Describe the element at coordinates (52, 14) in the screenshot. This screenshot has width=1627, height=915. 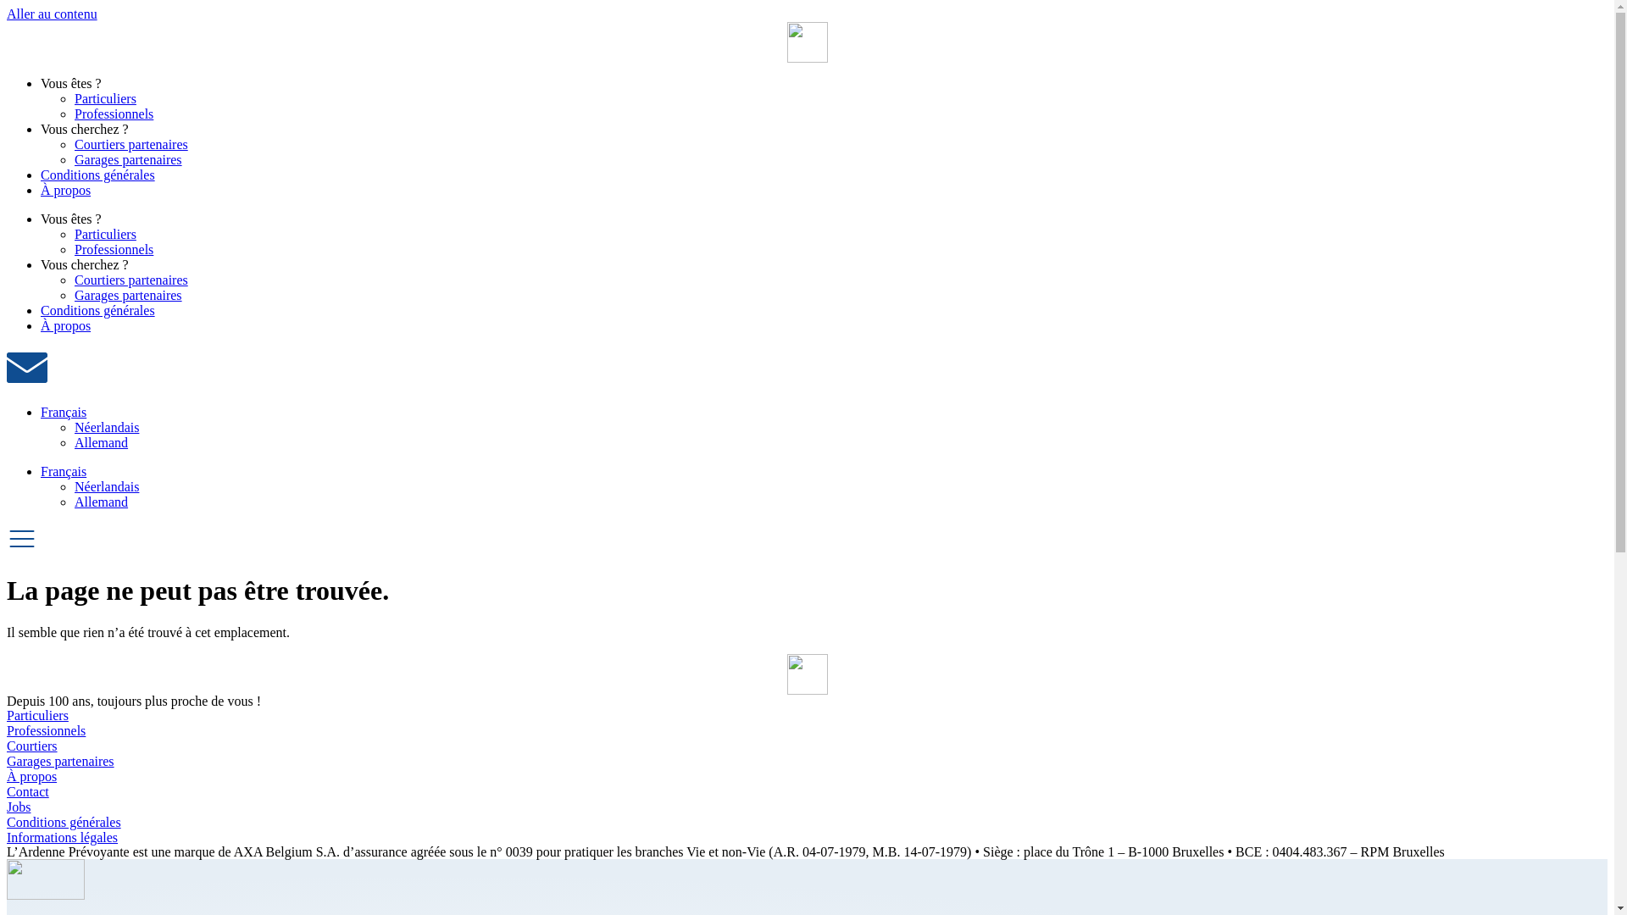
I see `'Aller au contenu'` at that location.